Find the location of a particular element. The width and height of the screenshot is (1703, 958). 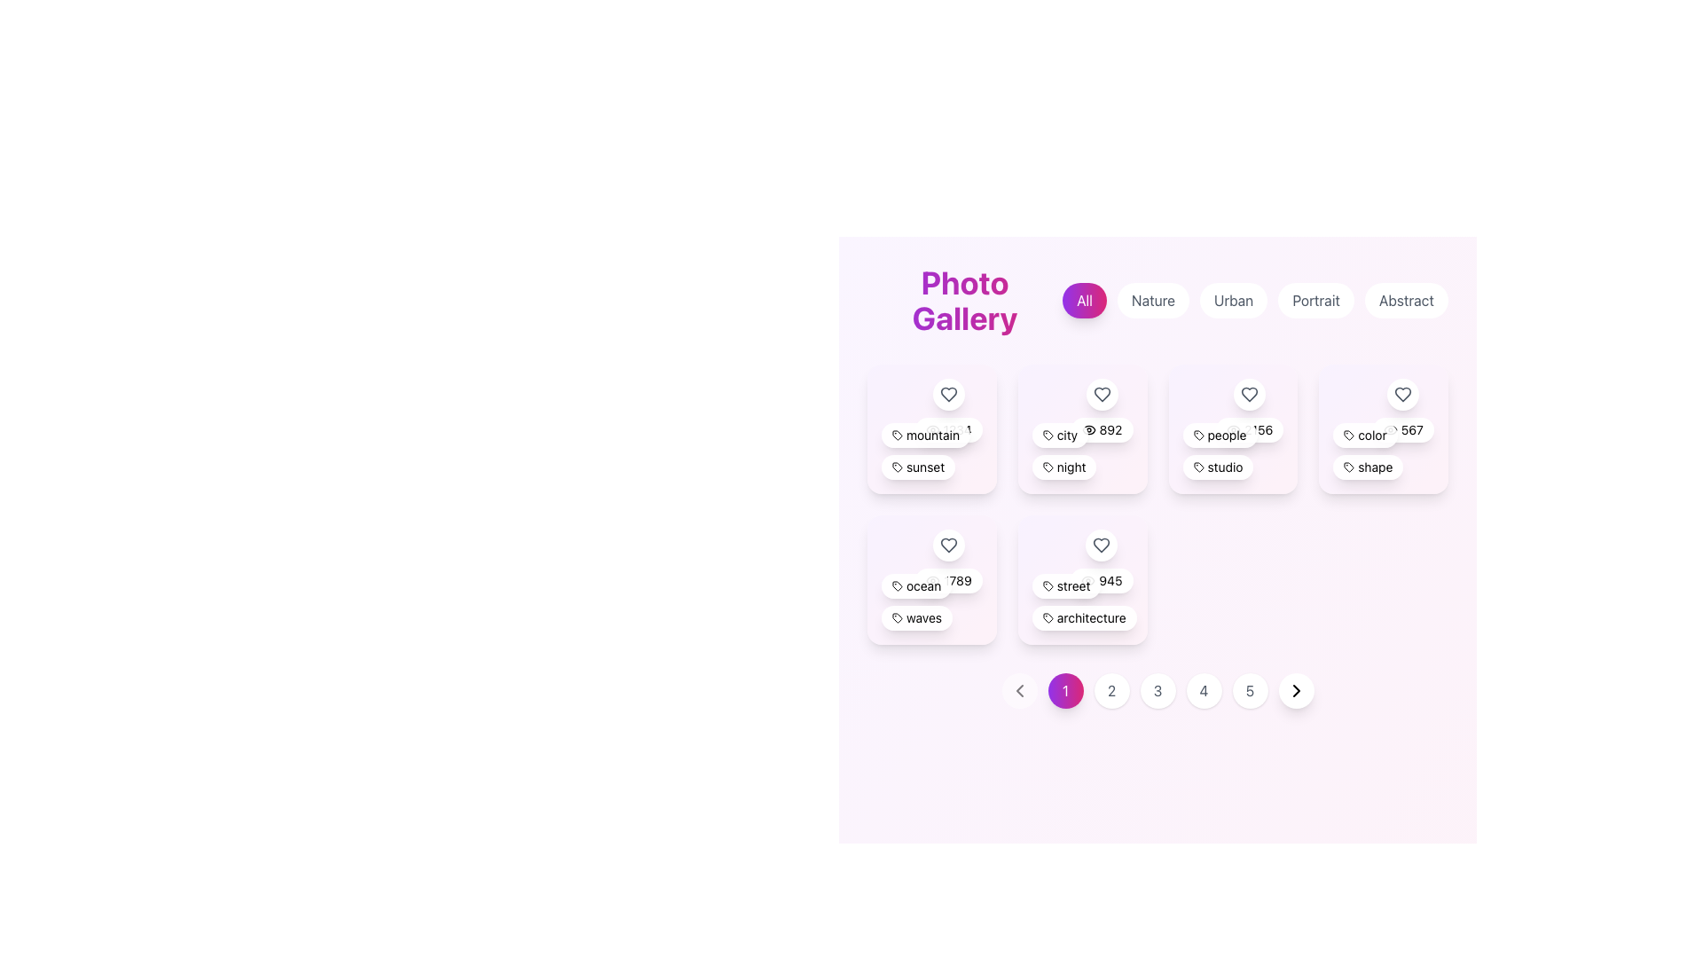

the button labeled 'Urban', which is the third button in a group of five within the navigation section of the 'Photo Gallery' is located at coordinates (1254, 300).